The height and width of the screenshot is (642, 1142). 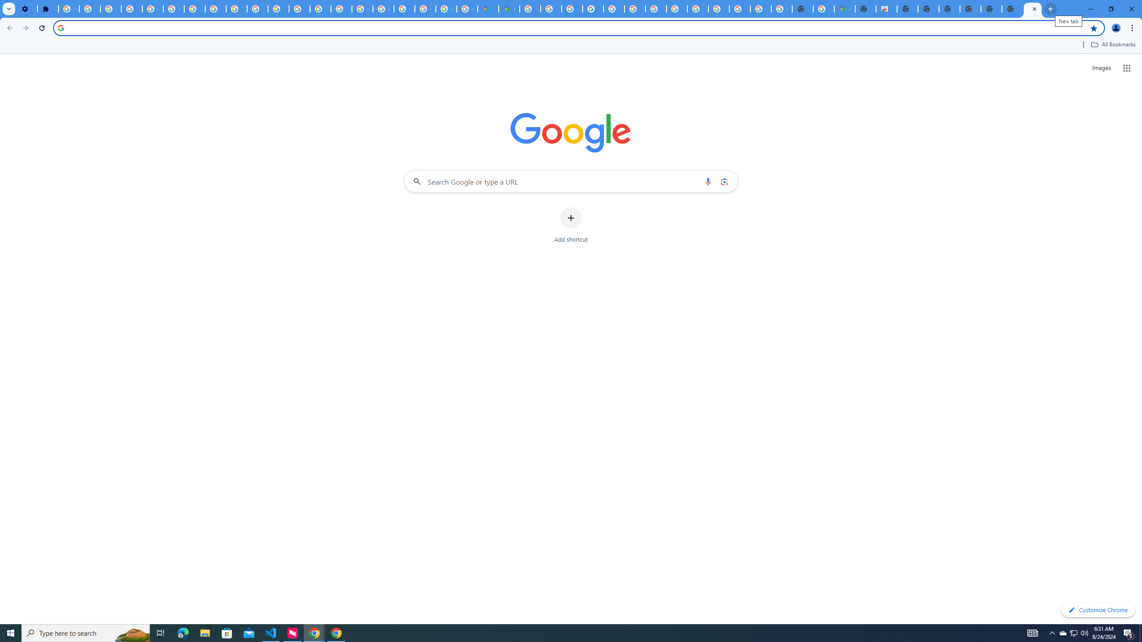 What do you see at coordinates (236, 8) in the screenshot?
I see `'YouTube'` at bounding box center [236, 8].